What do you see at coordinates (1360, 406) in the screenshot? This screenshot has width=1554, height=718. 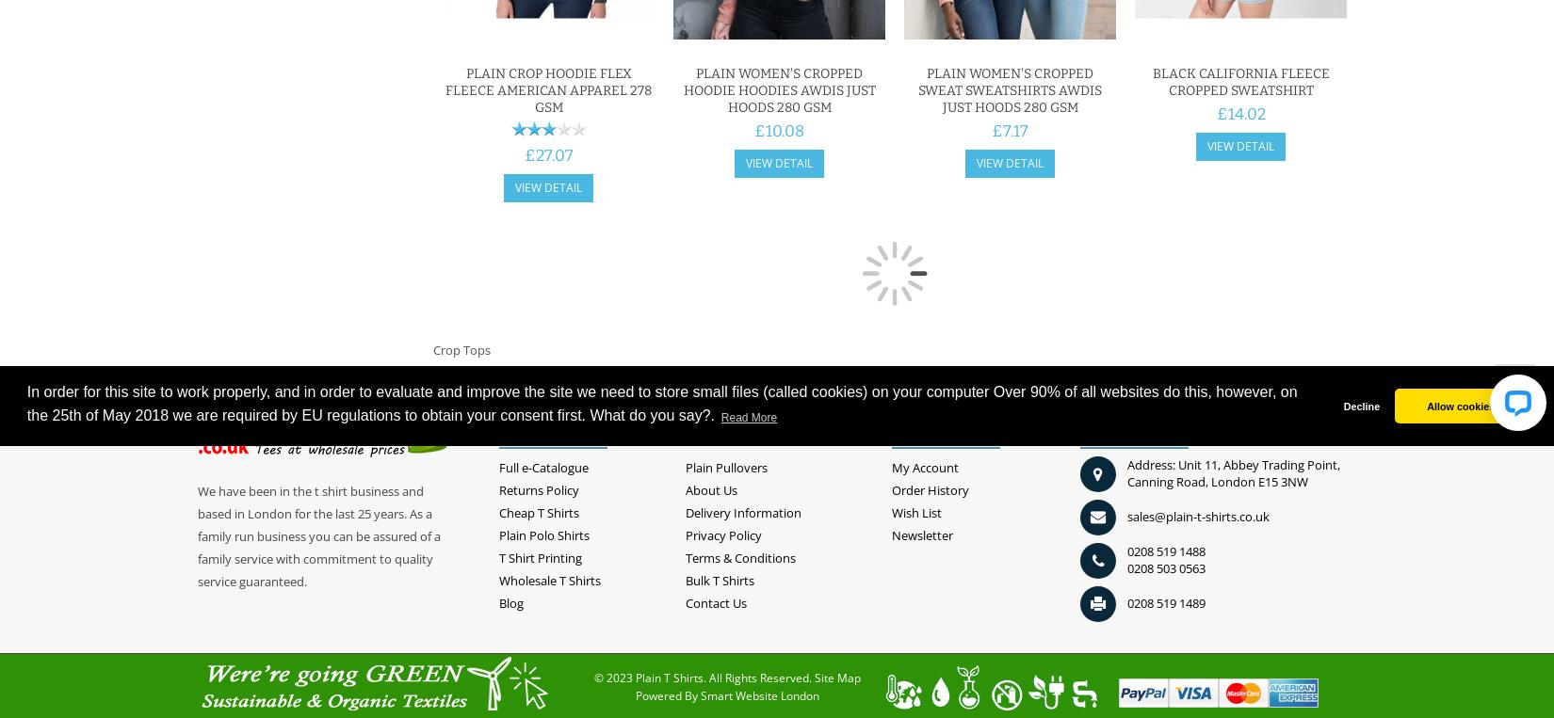 I see `'Decline'` at bounding box center [1360, 406].